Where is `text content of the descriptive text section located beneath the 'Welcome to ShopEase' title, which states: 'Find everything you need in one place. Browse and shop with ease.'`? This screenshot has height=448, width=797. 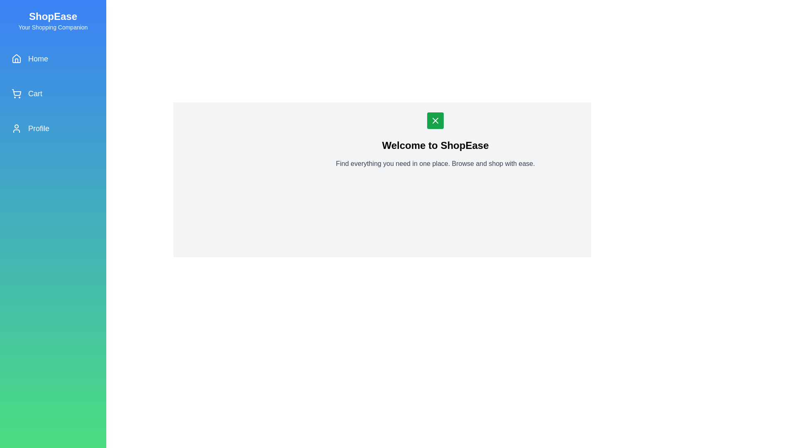
text content of the descriptive text section located beneath the 'Welcome to ShopEase' title, which states: 'Find everything you need in one place. Browse and shop with ease.' is located at coordinates (435, 163).